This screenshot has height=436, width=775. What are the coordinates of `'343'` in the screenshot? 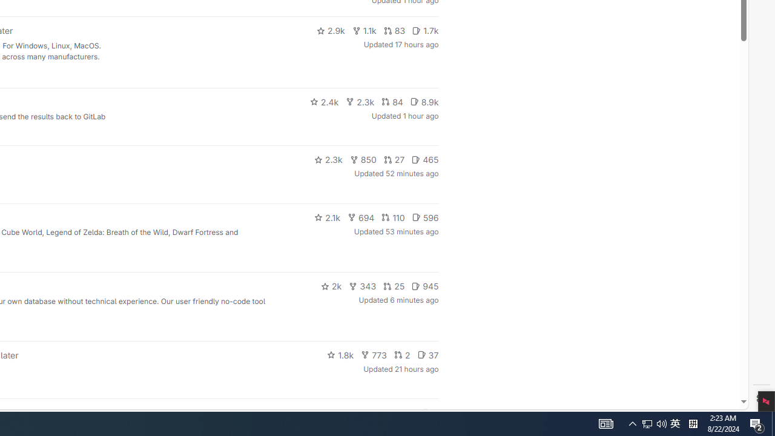 It's located at (362, 286).